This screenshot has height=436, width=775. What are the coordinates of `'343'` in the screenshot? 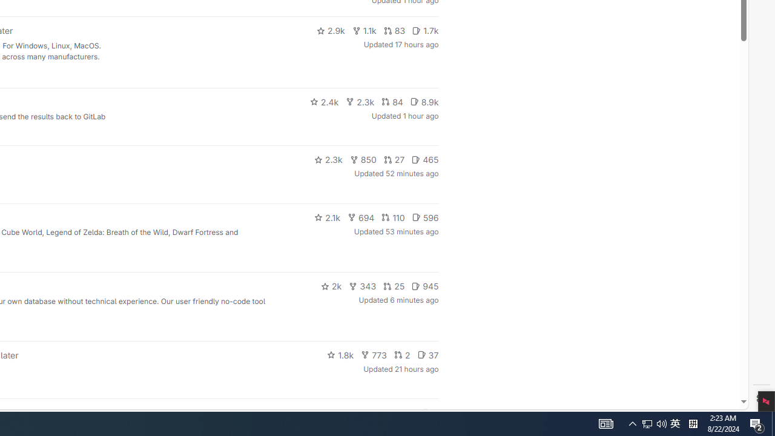 It's located at (362, 286).